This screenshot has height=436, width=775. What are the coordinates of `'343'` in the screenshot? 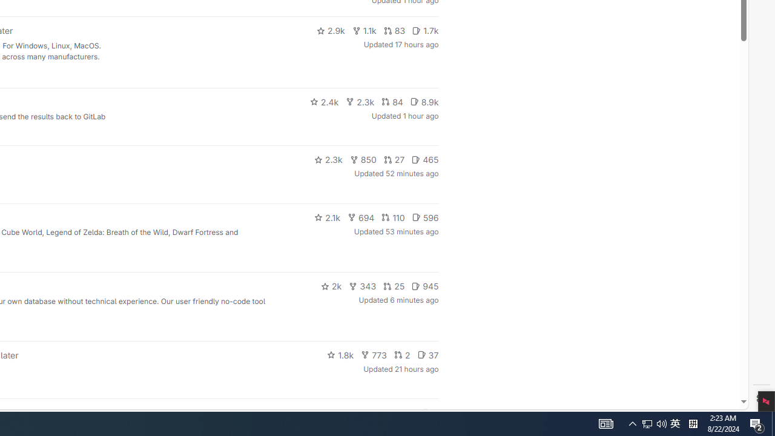 It's located at (362, 286).